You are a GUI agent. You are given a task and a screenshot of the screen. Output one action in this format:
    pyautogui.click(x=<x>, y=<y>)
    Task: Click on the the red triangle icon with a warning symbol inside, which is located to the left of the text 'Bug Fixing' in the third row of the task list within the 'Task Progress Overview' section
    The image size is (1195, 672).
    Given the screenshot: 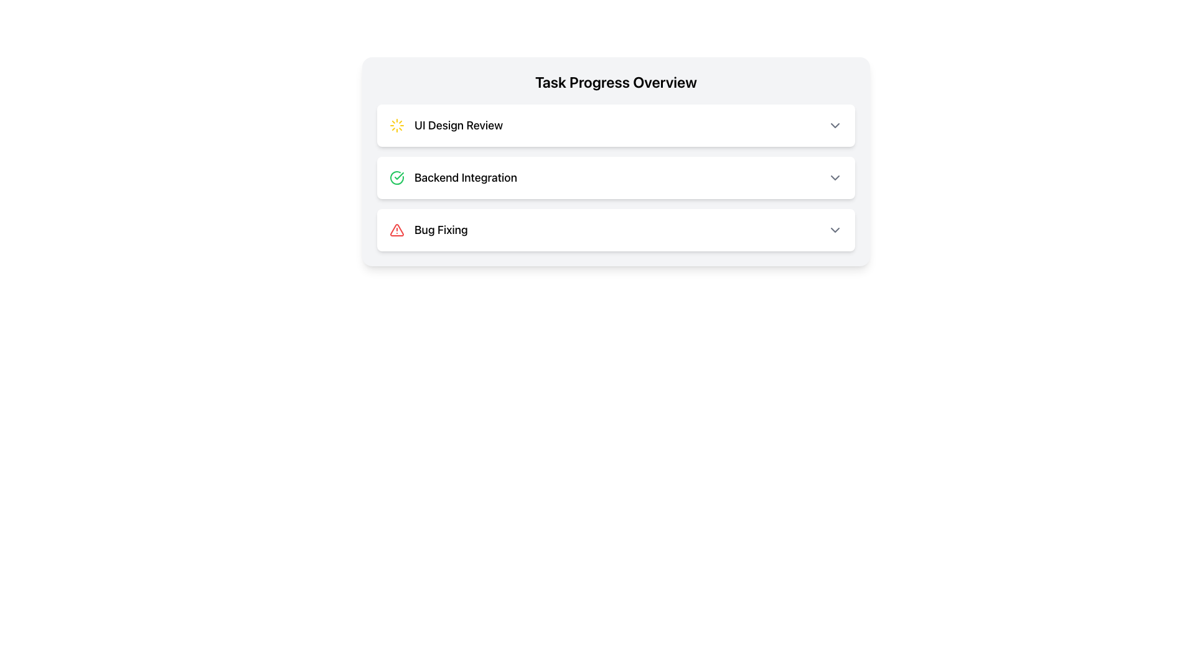 What is the action you would take?
    pyautogui.click(x=396, y=230)
    